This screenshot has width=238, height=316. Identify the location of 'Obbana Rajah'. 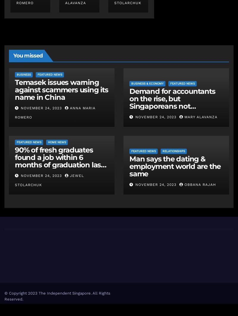
(200, 184).